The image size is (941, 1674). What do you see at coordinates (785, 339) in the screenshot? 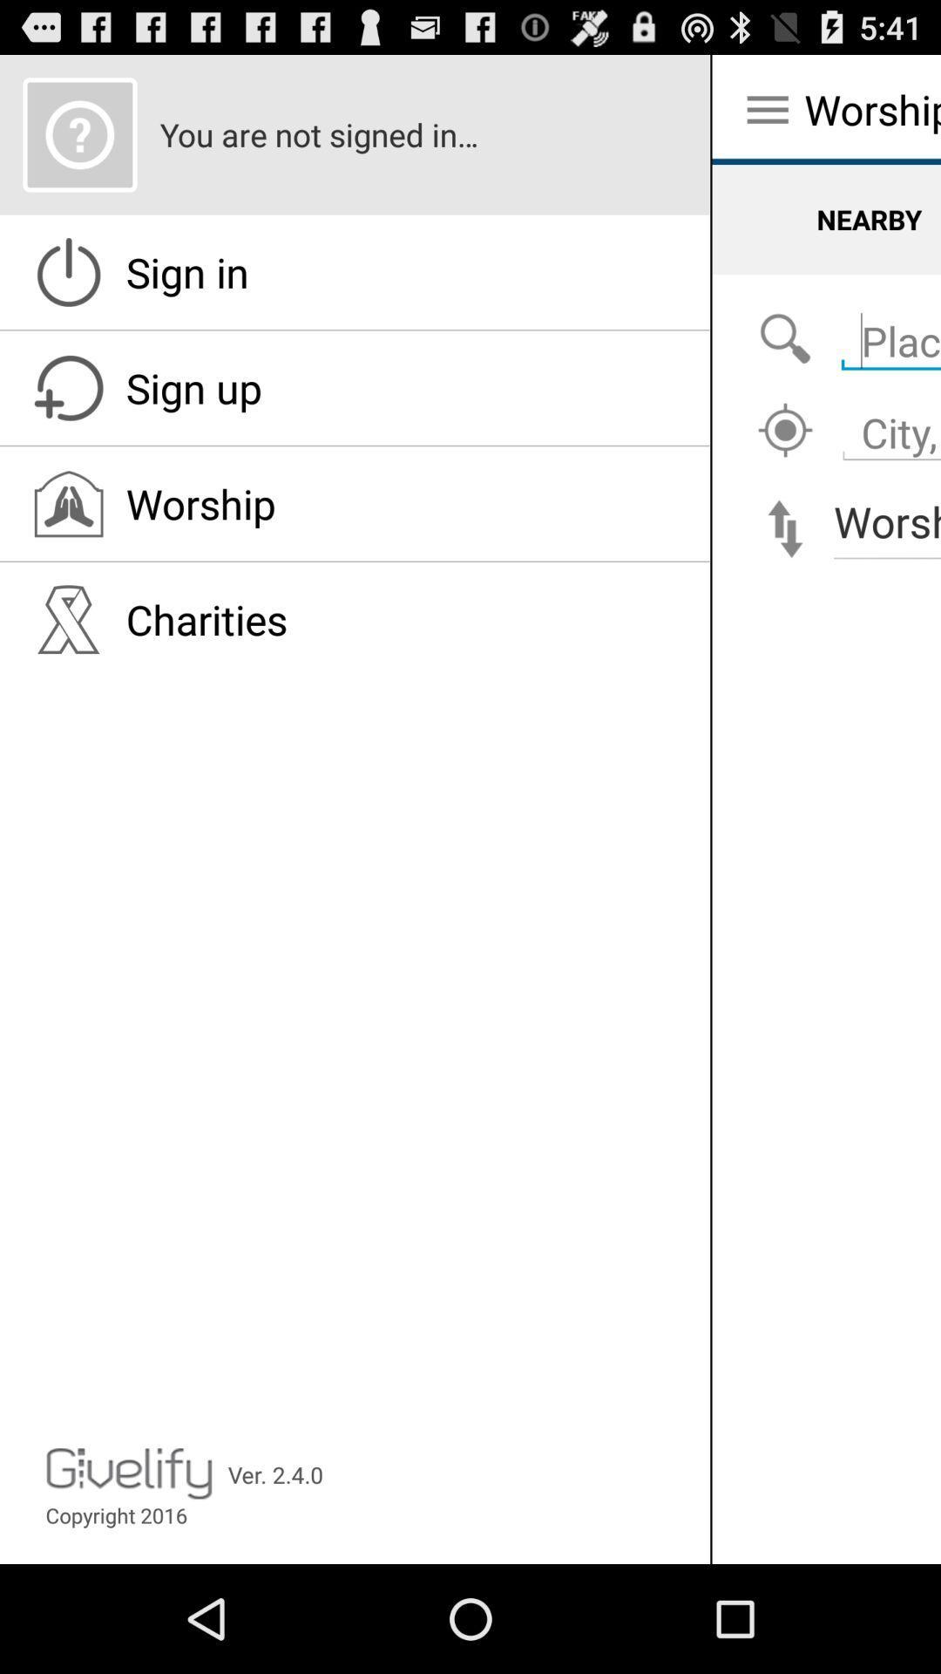
I see `the icon below the nearby icon` at bounding box center [785, 339].